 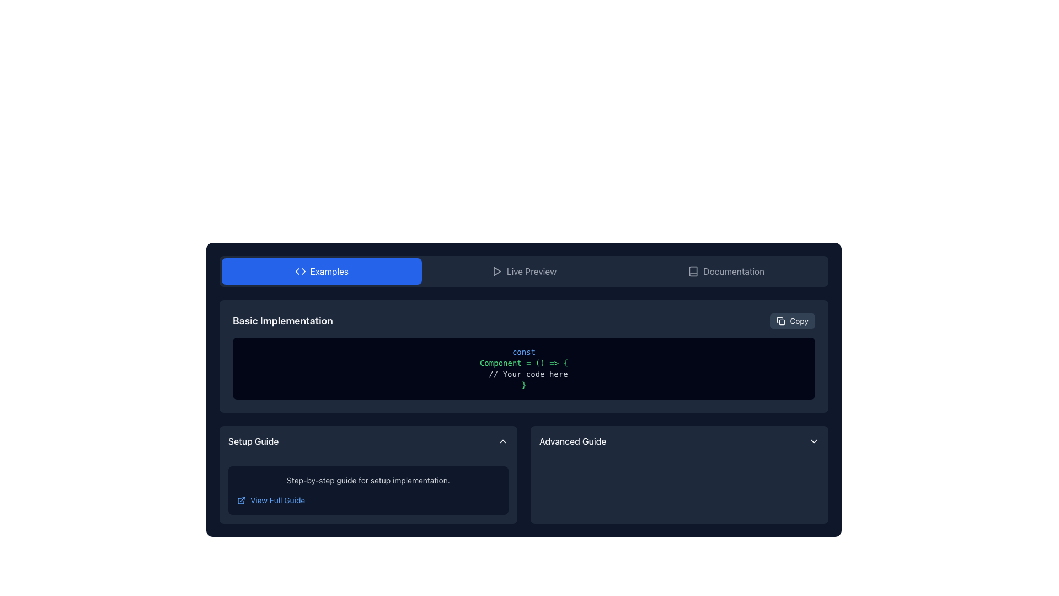 What do you see at coordinates (523, 363) in the screenshot?
I see `the text element that reads 'Component = () => {' styled in green monospaced font, located within the code block in the 'Basic Implementation' section` at bounding box center [523, 363].